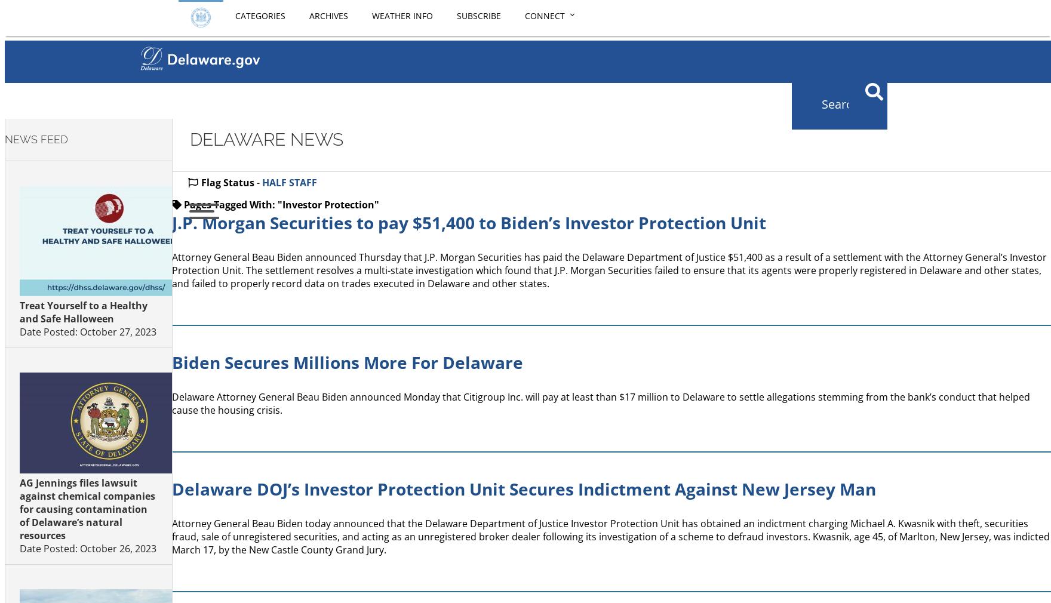 This screenshot has width=1051, height=603. I want to click on 'NEWS FEED', so click(36, 139).